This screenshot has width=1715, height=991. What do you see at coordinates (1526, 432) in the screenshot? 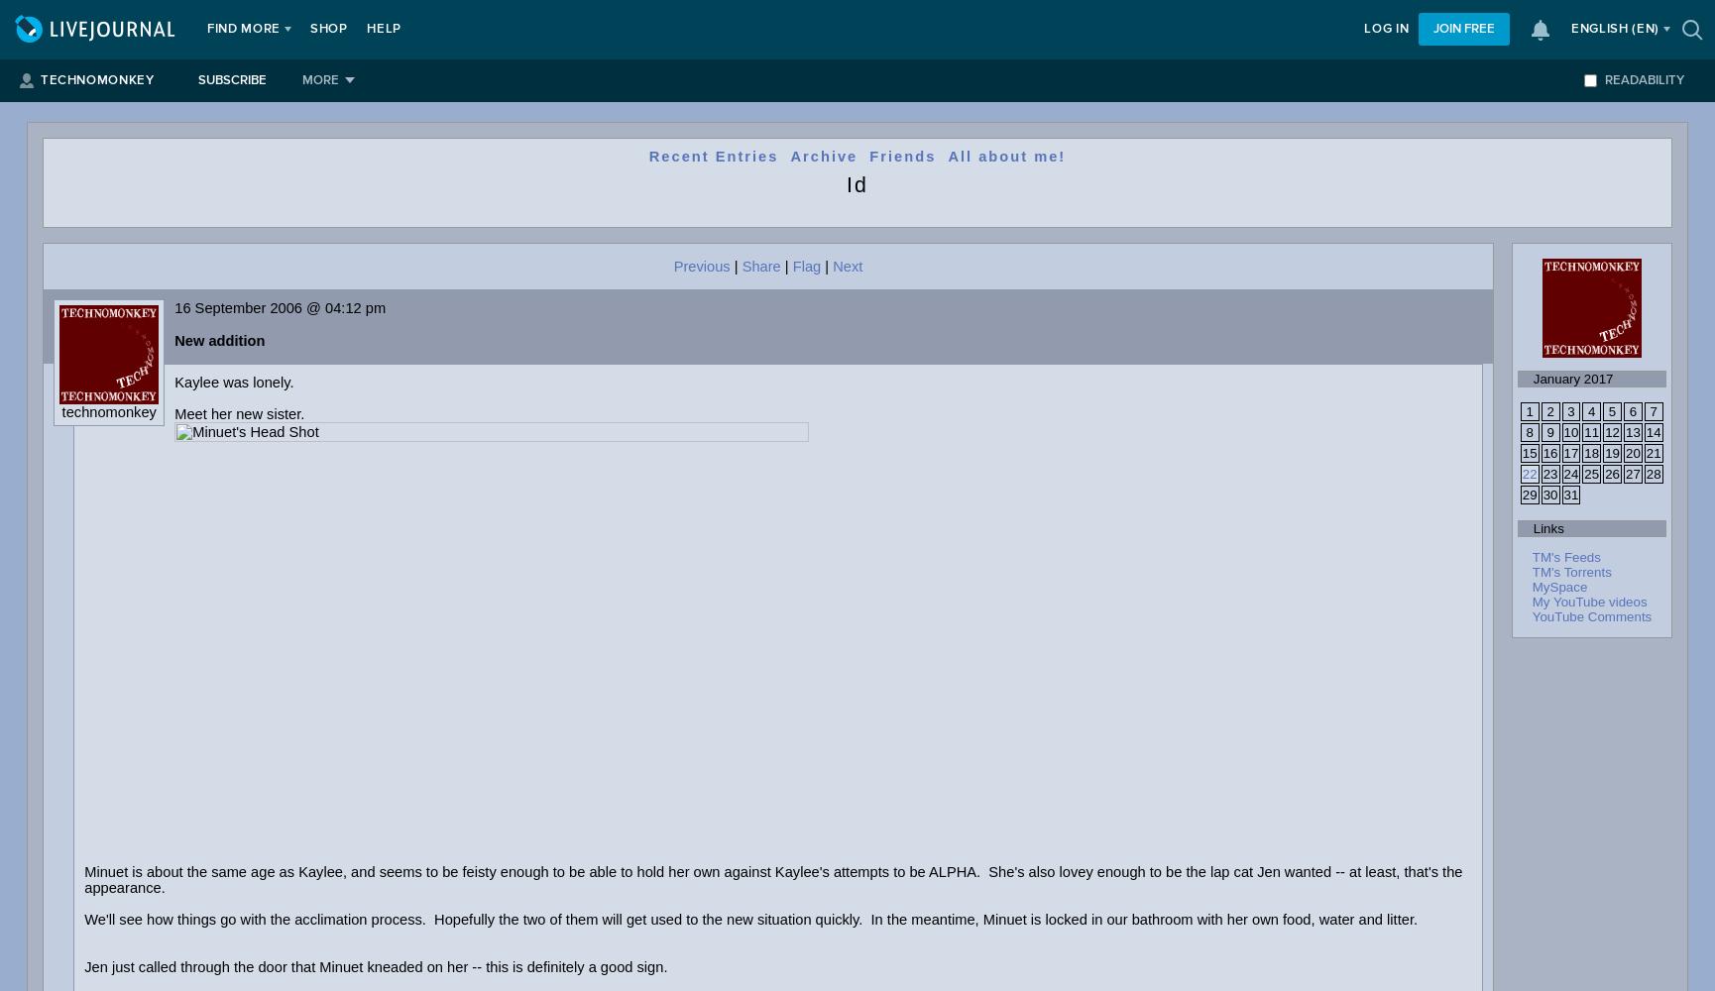
I see `'8'` at bounding box center [1526, 432].